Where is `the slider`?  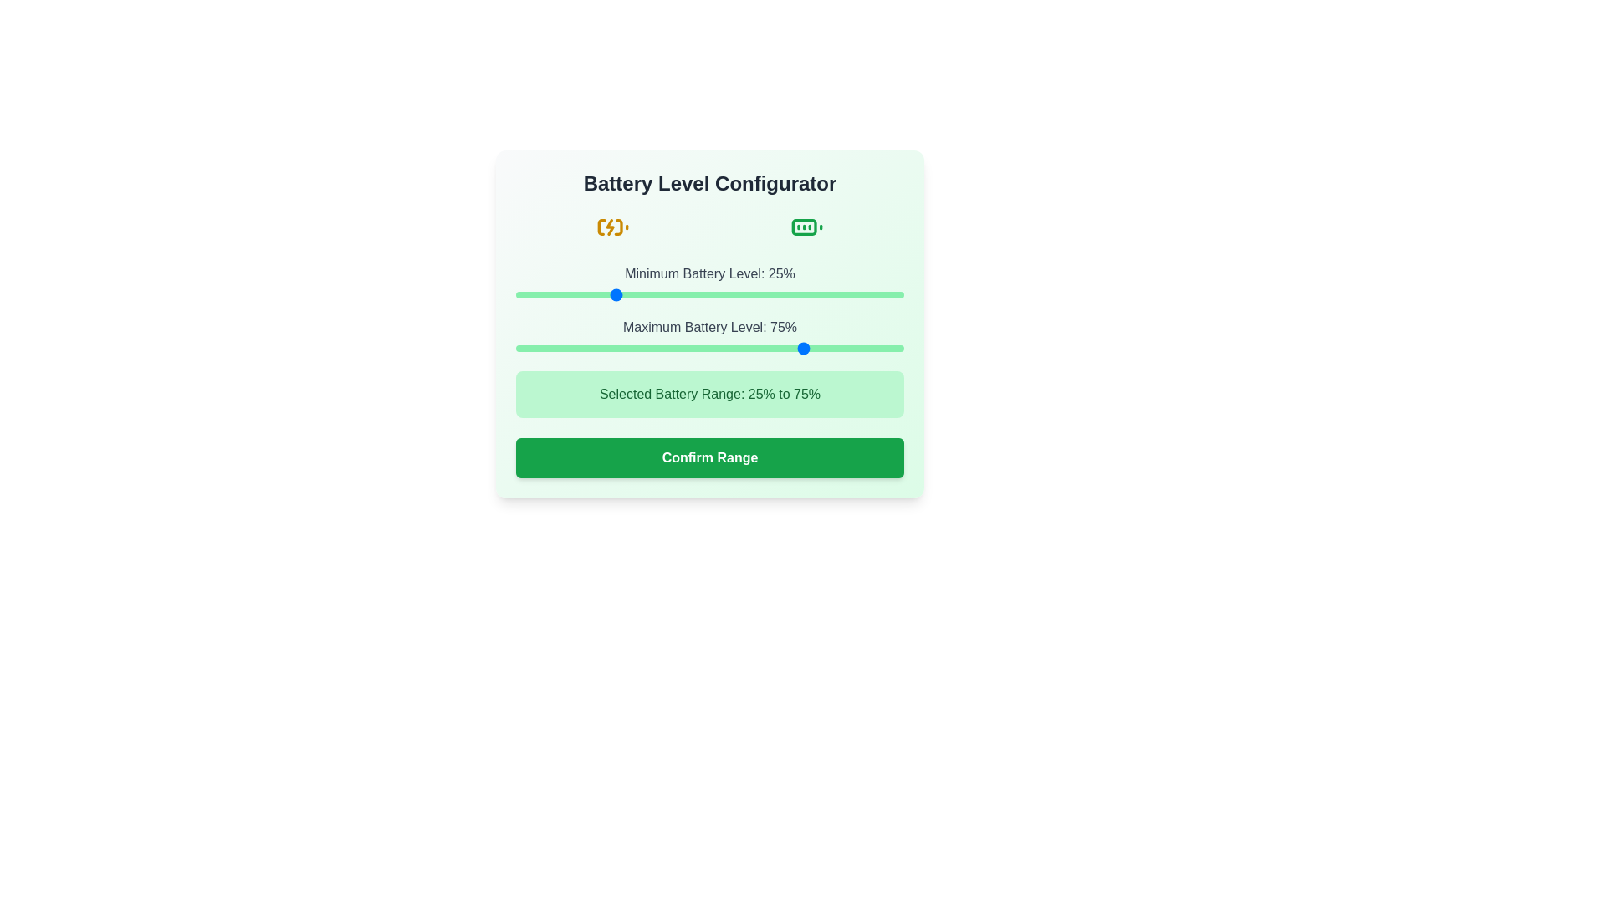
the slider is located at coordinates (822, 347).